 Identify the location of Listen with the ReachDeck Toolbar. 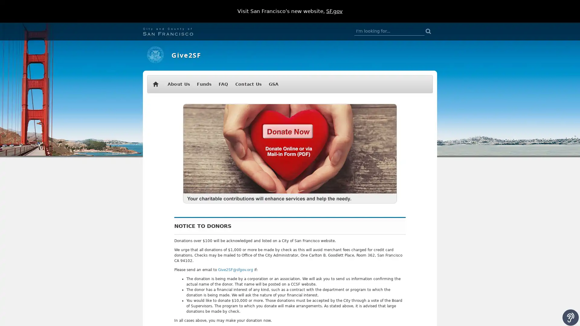
(570, 317).